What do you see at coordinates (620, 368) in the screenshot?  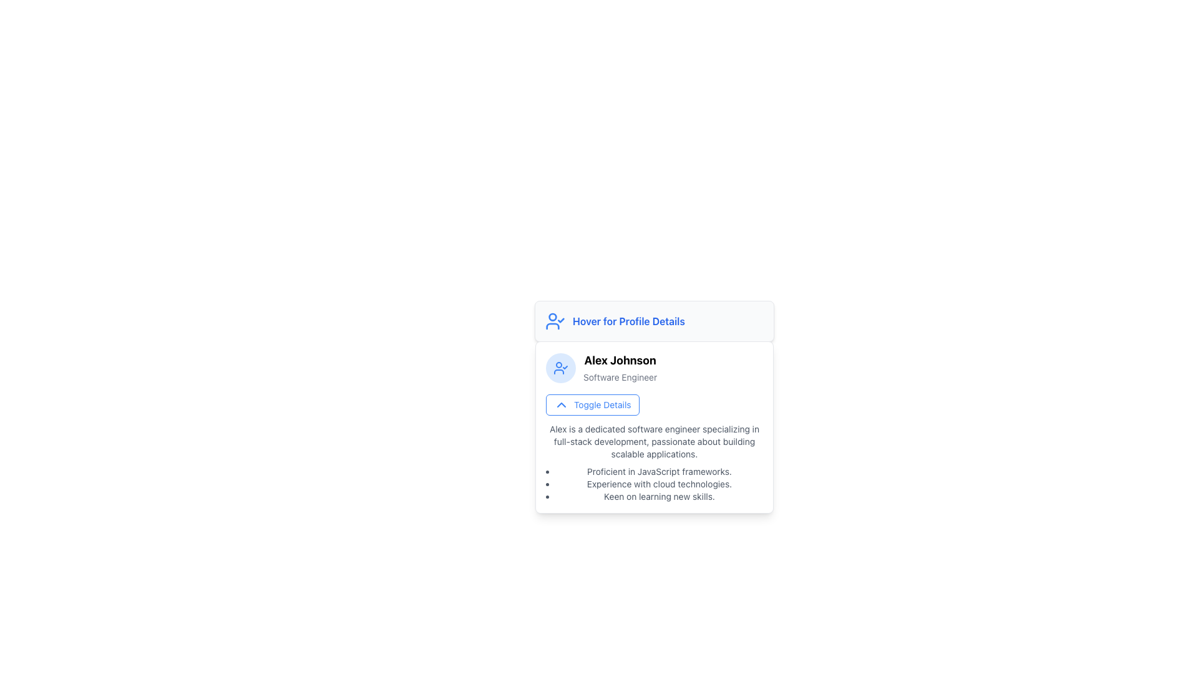 I see `text from the Text Block displaying 'Alex Johnson' and 'Software Engineer', which is located beneath the title 'Hover for Profile Details'` at bounding box center [620, 368].